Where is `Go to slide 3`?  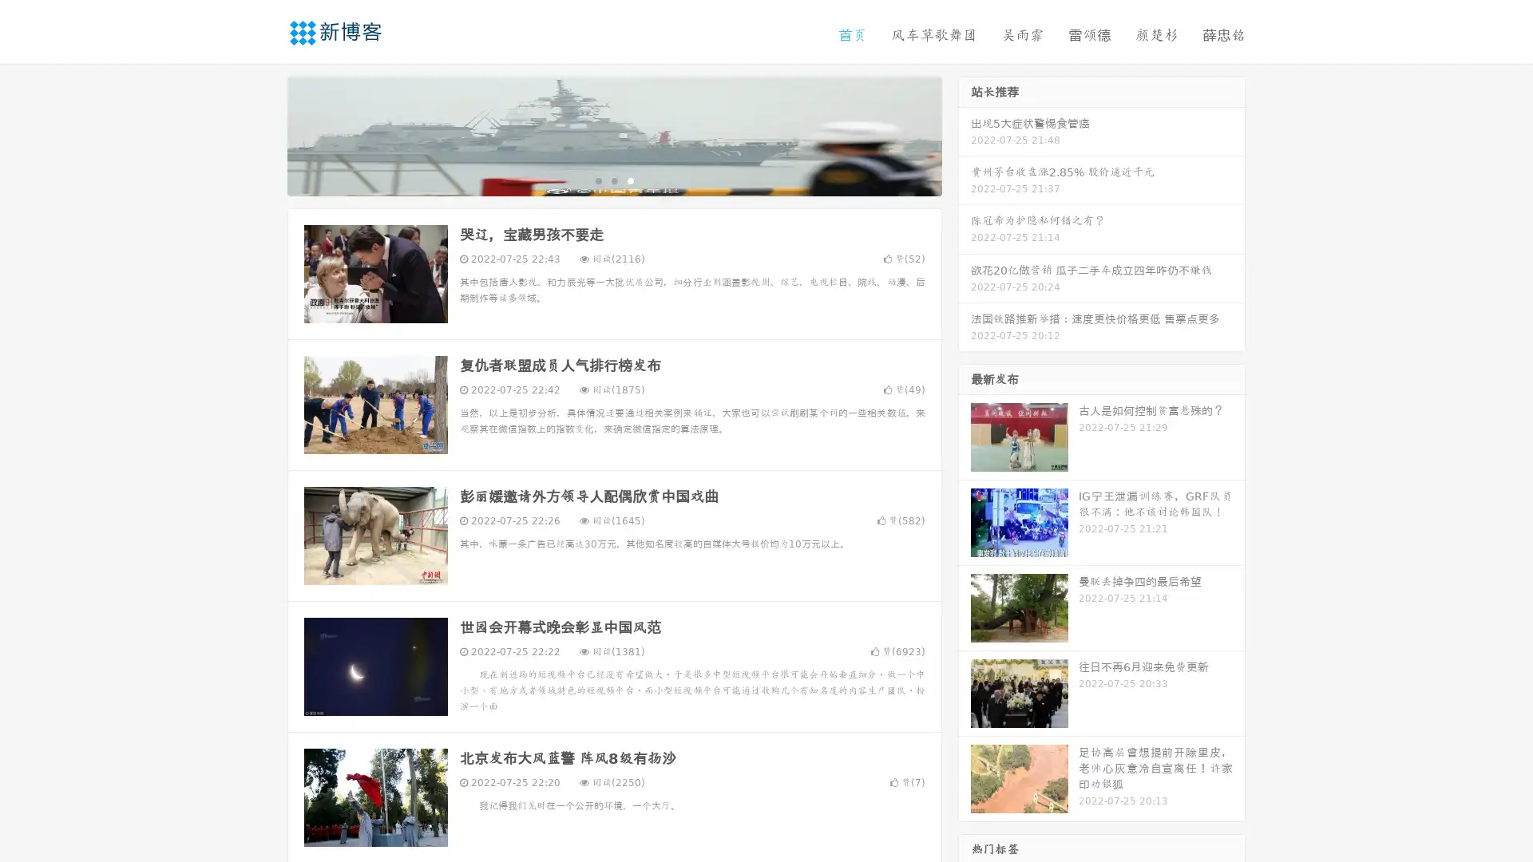 Go to slide 3 is located at coordinates (630, 180).